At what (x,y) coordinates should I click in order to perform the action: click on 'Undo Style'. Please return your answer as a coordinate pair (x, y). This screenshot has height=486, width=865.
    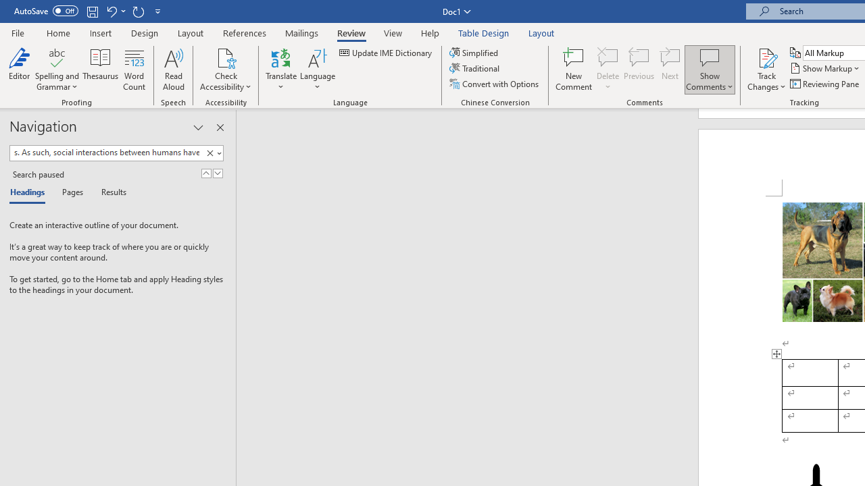
    Looking at the image, I should click on (115, 11).